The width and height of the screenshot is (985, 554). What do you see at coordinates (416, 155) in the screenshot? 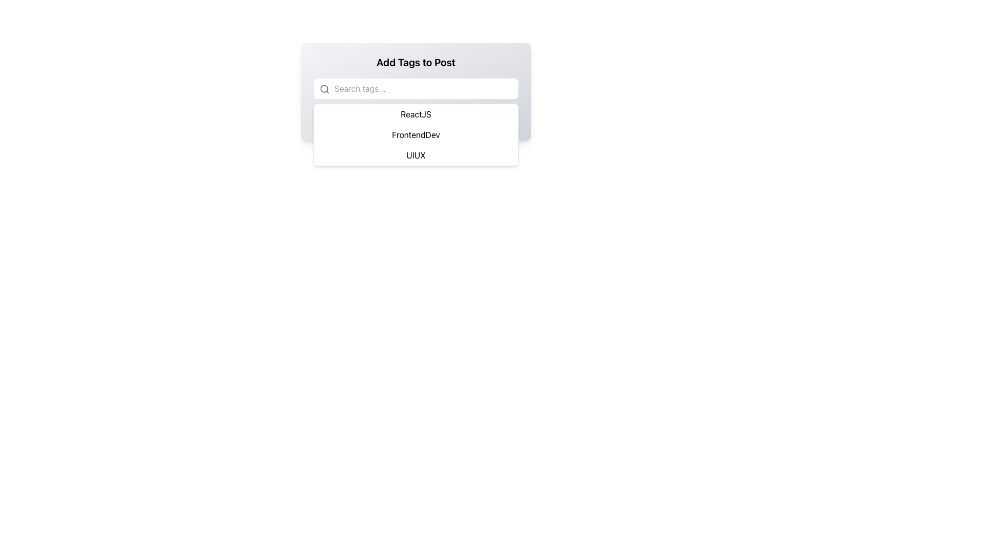
I see `to select the third item in the dropdown list labeled 'UIUX', which is positioned below 'ReactJS' and 'FrontendDev'` at bounding box center [416, 155].